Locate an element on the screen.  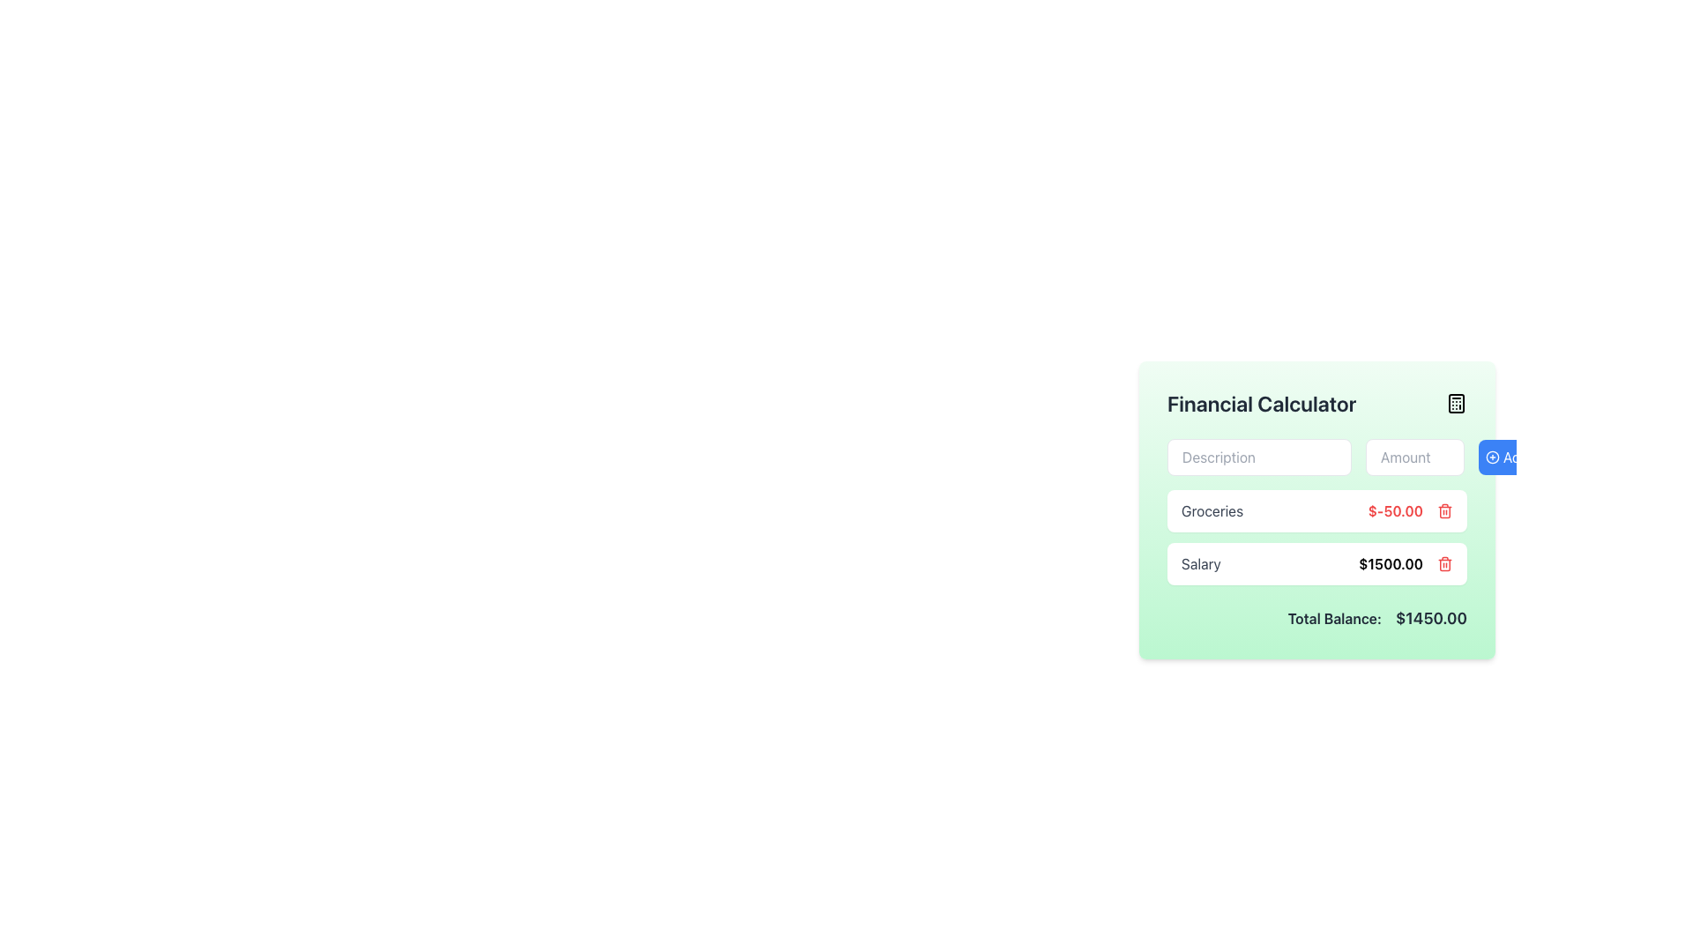
the calculator icon located to the right of the 'Financial Calculator' title is located at coordinates (1456, 404).